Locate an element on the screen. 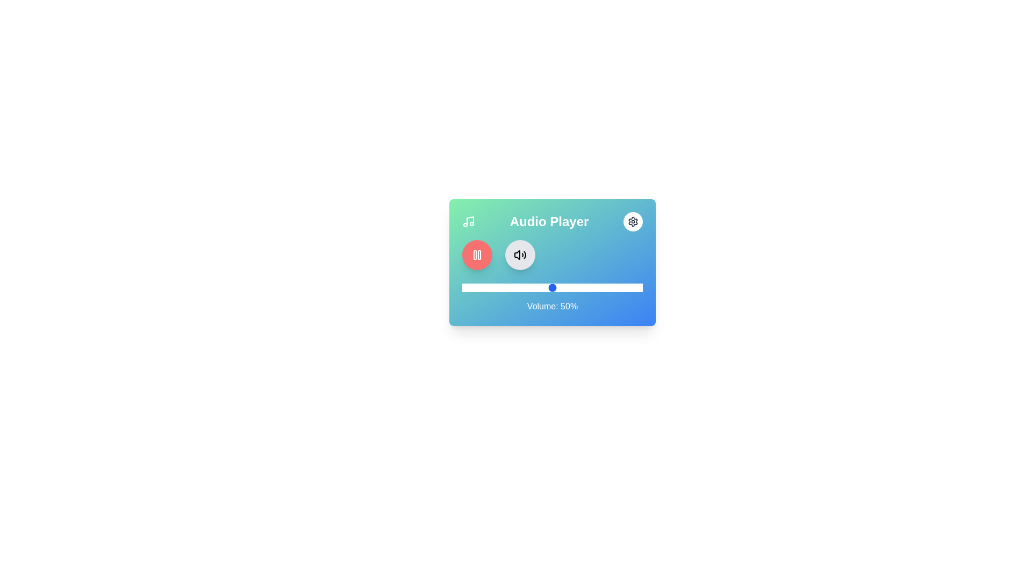 This screenshot has height=580, width=1032. volume is located at coordinates (549, 287).